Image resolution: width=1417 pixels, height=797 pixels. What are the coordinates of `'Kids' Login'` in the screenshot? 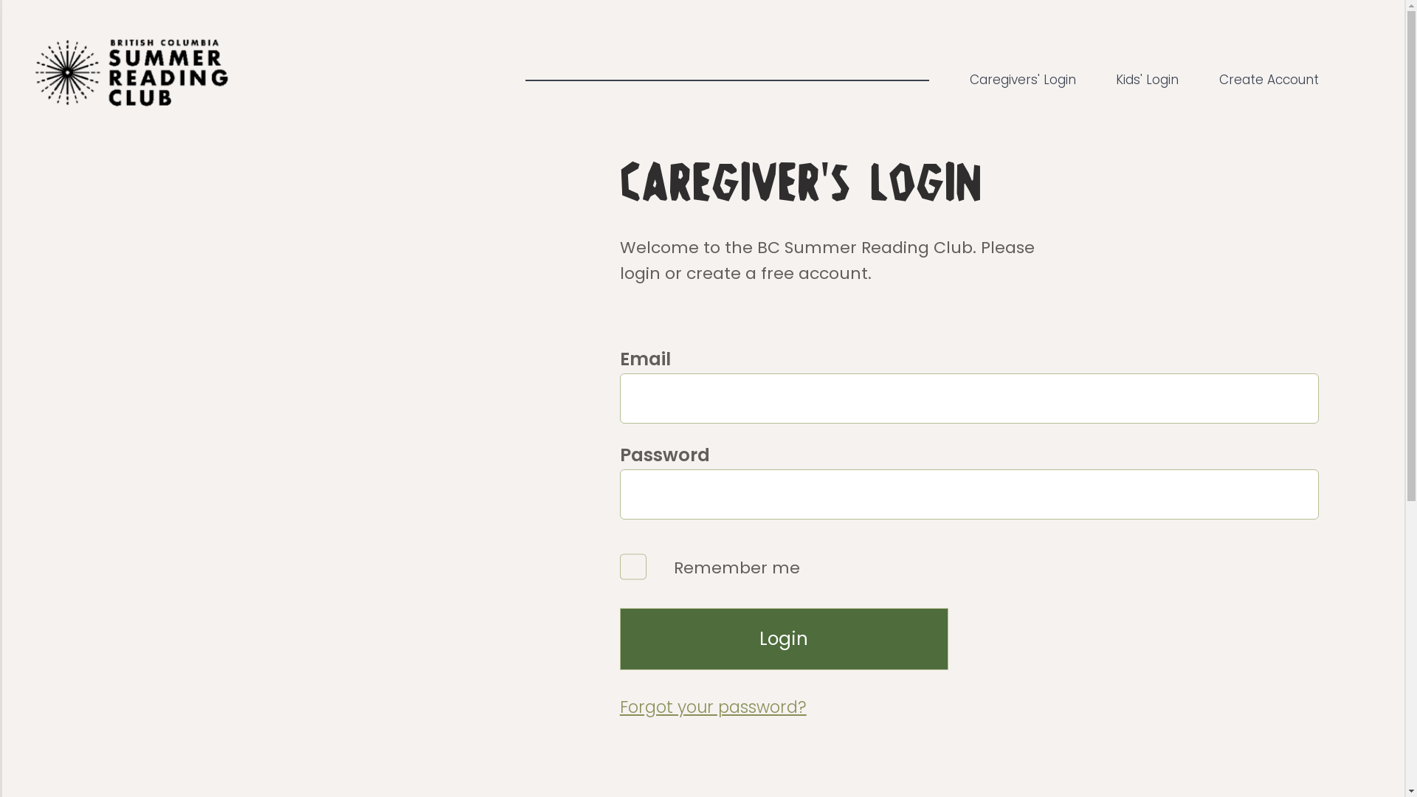 It's located at (1146, 80).